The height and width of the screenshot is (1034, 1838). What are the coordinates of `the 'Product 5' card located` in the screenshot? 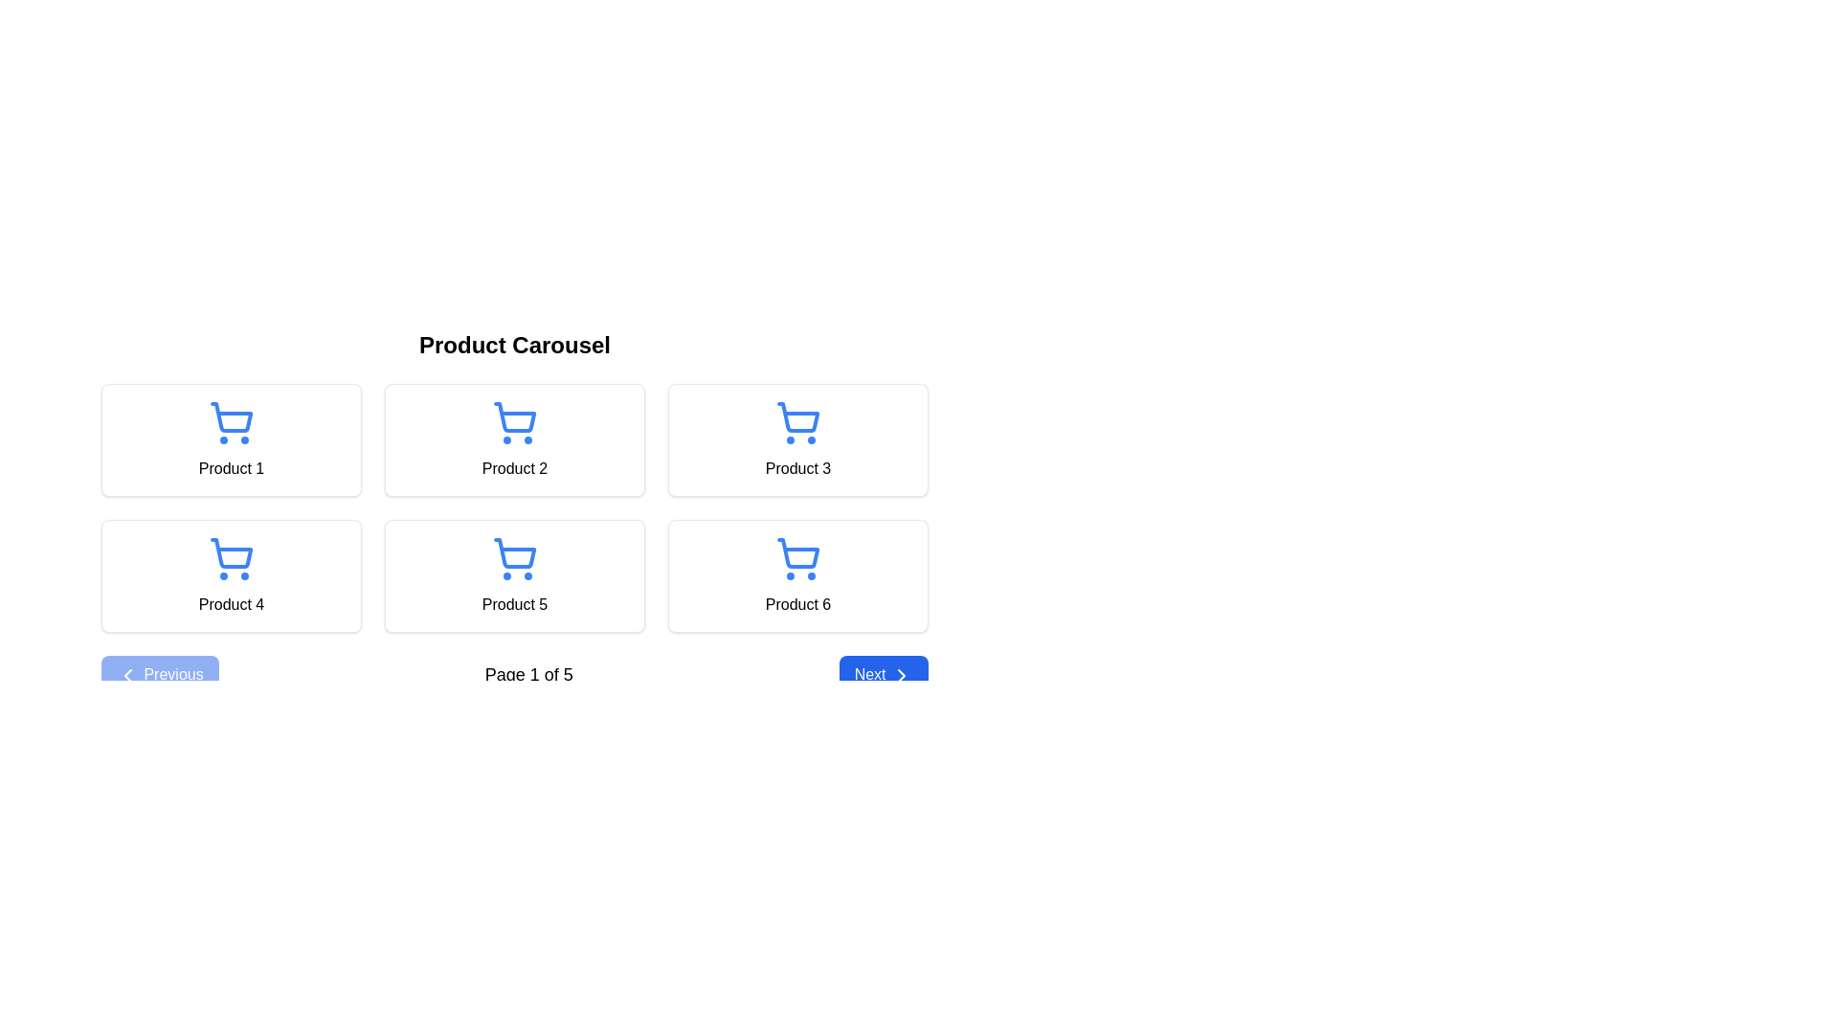 It's located at (514, 574).